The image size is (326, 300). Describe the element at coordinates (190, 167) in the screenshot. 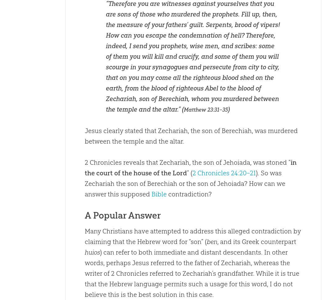

I see `'in the court of the house of the Lord'` at that location.